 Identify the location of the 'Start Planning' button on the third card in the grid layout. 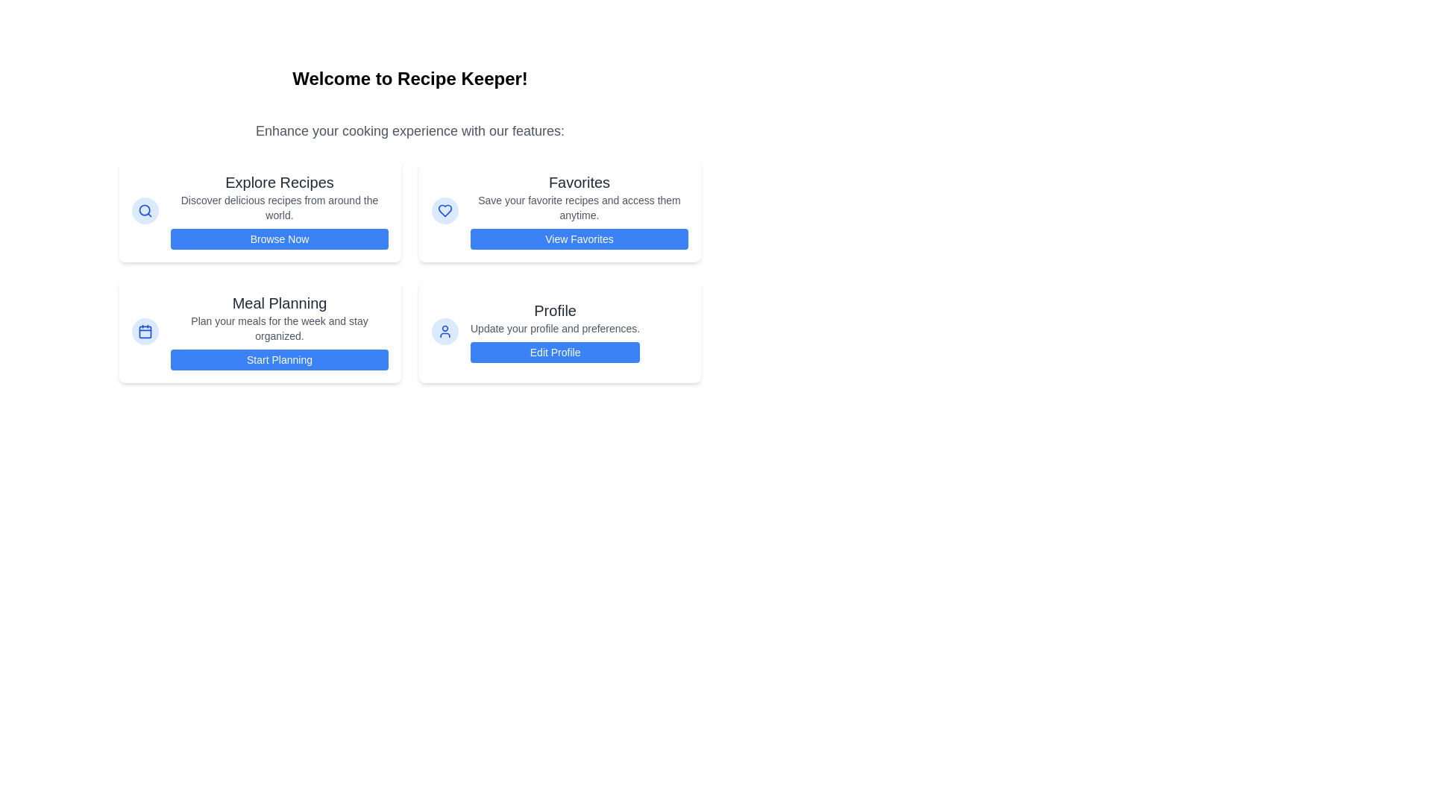
(260, 330).